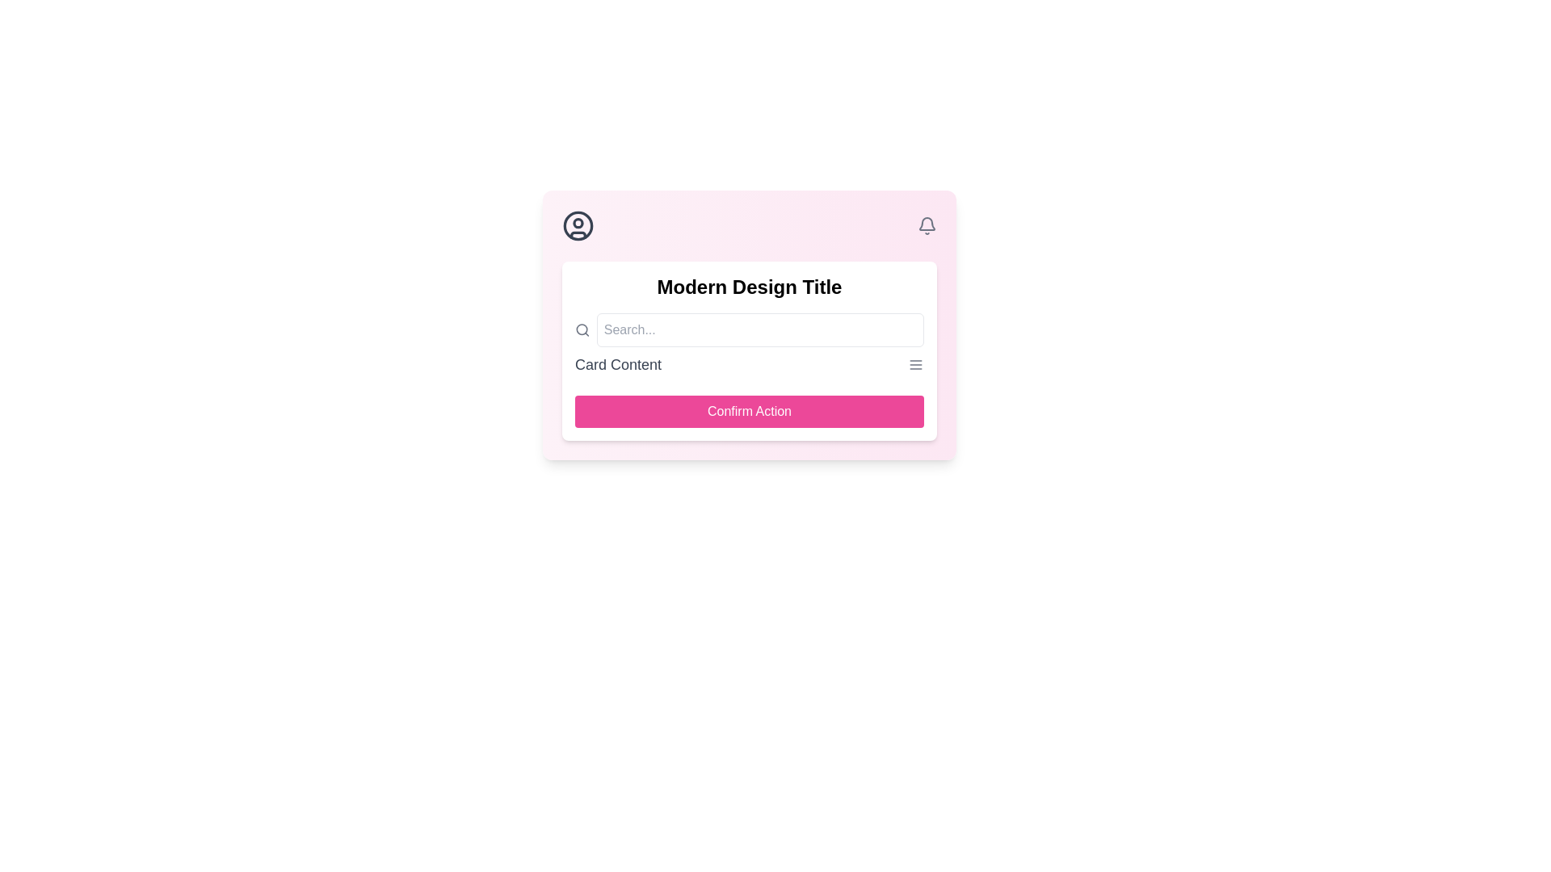  What do you see at coordinates (927, 224) in the screenshot?
I see `the lower portion of the bell-shaped icon located in the upper right corner of the card interface` at bounding box center [927, 224].